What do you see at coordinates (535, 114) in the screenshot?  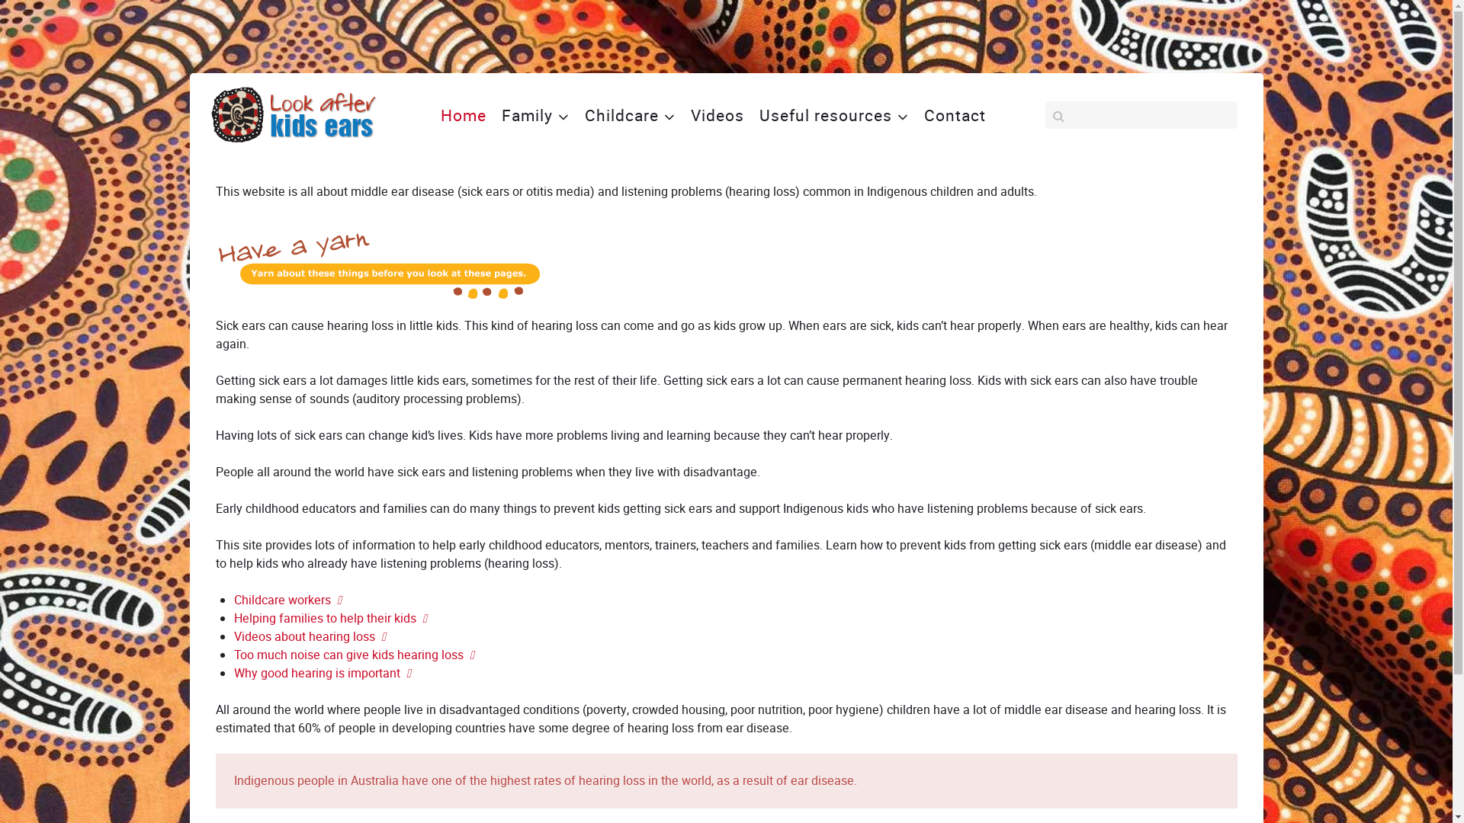 I see `'Family'` at bounding box center [535, 114].